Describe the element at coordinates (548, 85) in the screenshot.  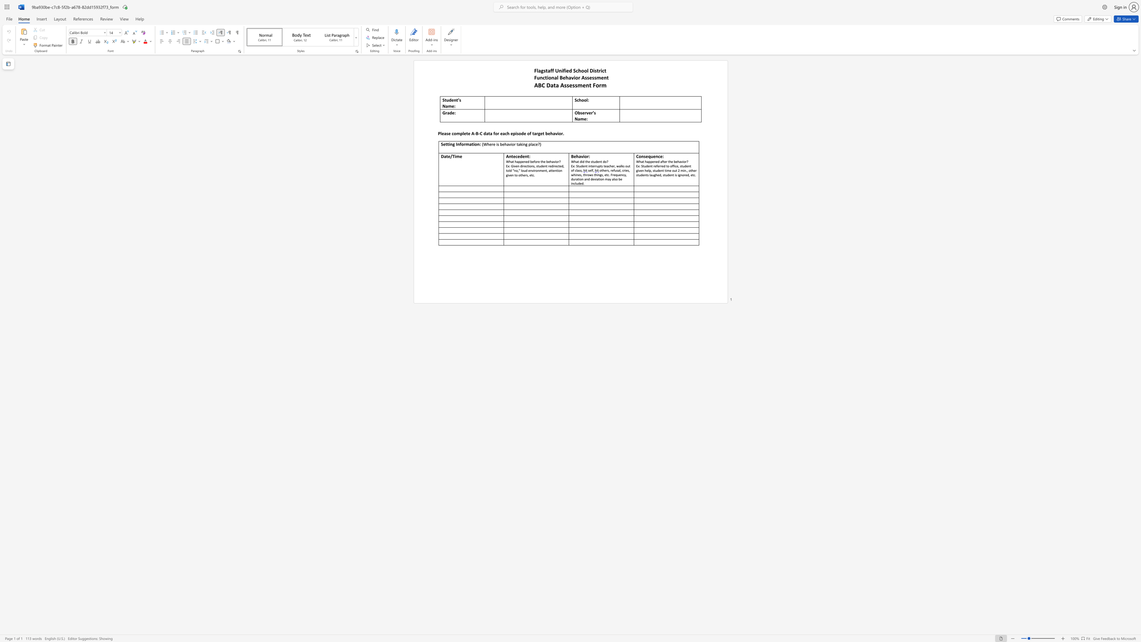
I see `the 1th character "D" in the text` at that location.